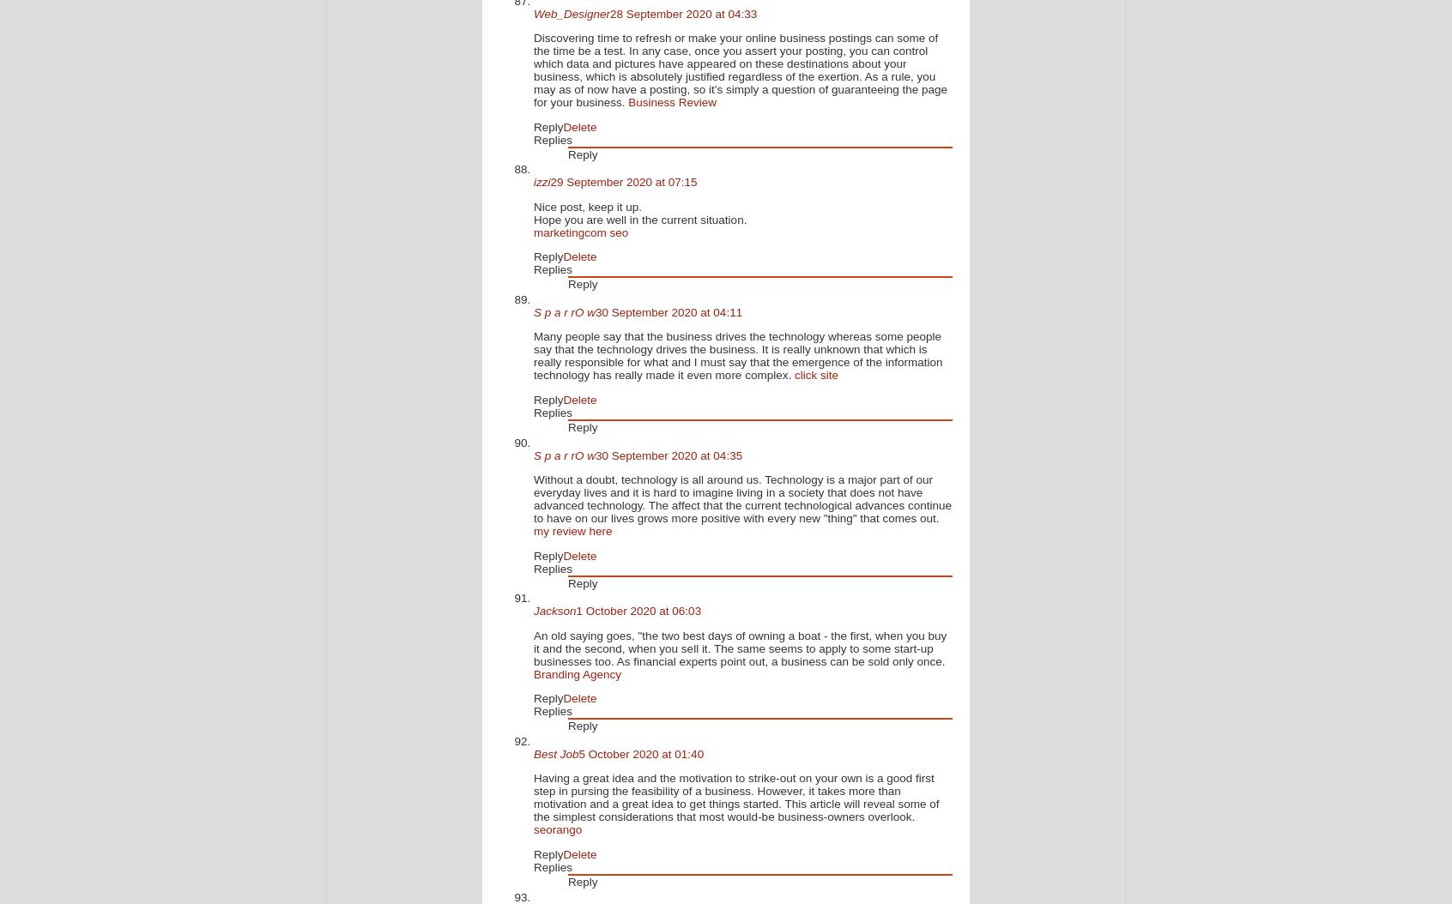 The height and width of the screenshot is (904, 1452). Describe the element at coordinates (587, 206) in the screenshot. I see `'Nice post, keep it up.'` at that location.